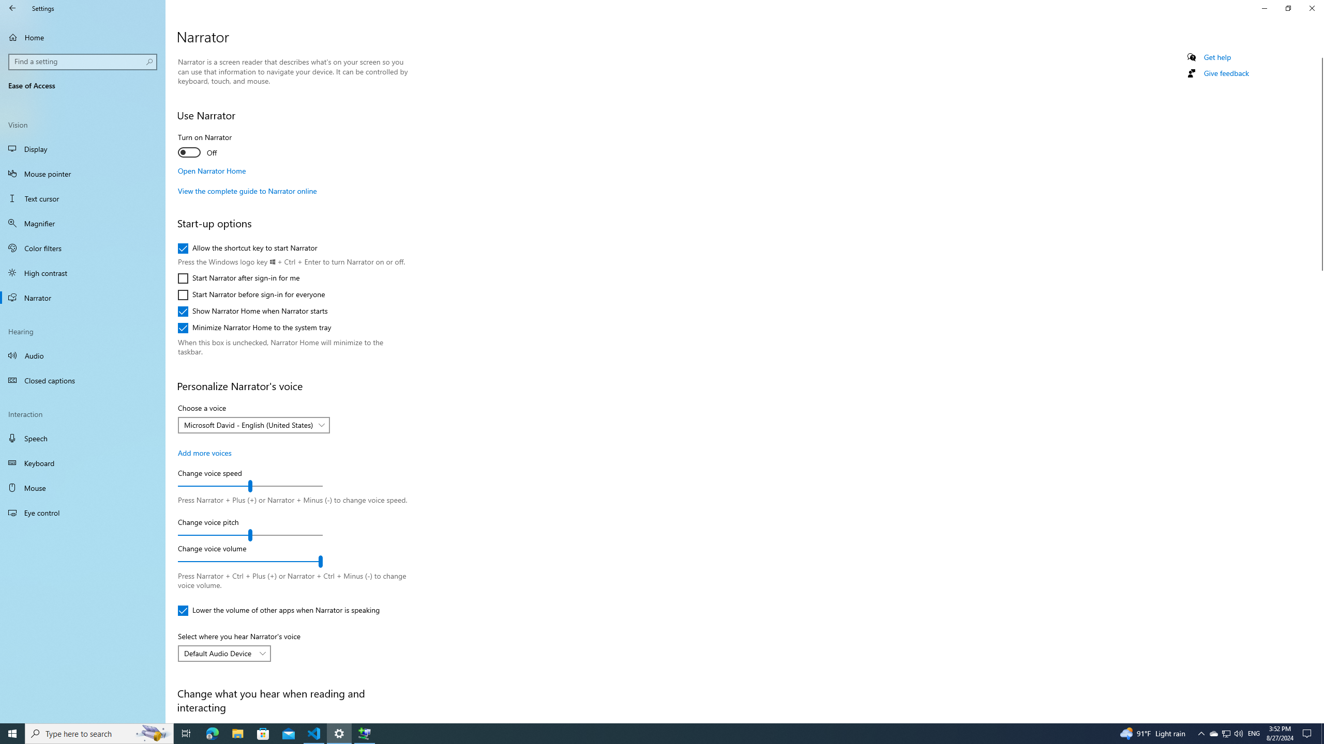 The height and width of the screenshot is (744, 1324). What do you see at coordinates (246, 190) in the screenshot?
I see `'View the complete guide to Narrator online'` at bounding box center [246, 190].